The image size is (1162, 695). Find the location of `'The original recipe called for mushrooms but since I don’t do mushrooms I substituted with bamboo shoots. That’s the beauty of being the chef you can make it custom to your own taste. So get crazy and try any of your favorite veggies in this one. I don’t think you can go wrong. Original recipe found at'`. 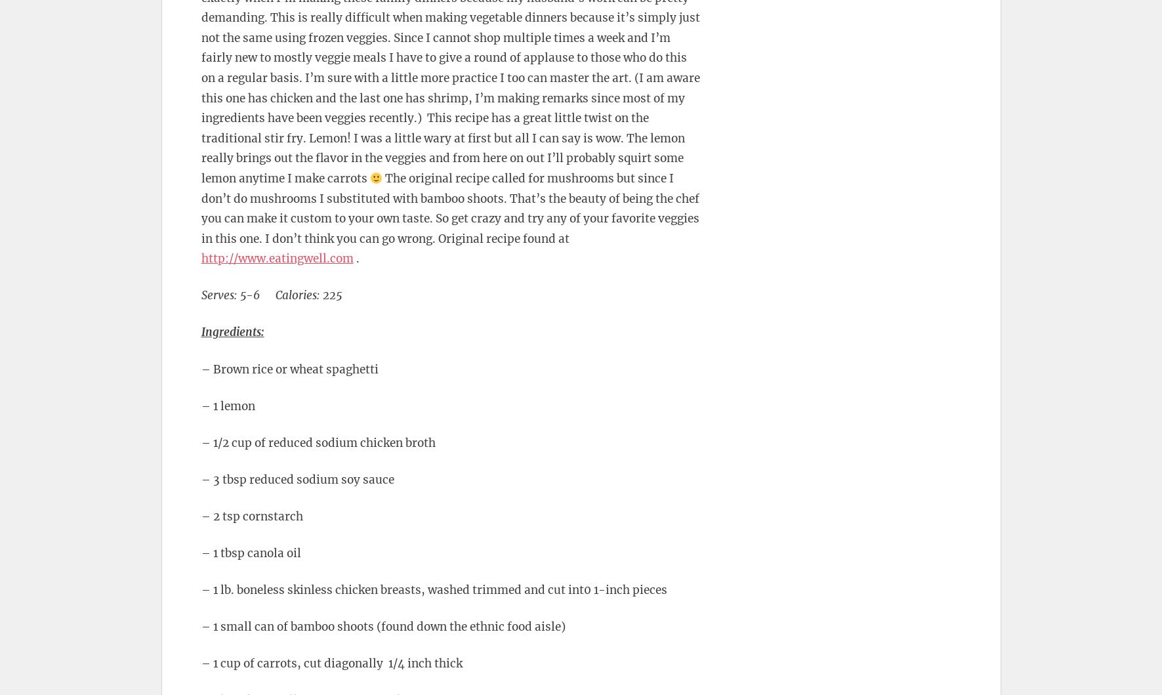

'The original recipe called for mushrooms but since I don’t do mushrooms I substituted with bamboo shoots. That’s the beauty of being the chef you can make it custom to your own taste. So get crazy and try any of your favorite veggies in this one. I don’t think you can go wrong. Original recipe found at' is located at coordinates (449, 207).